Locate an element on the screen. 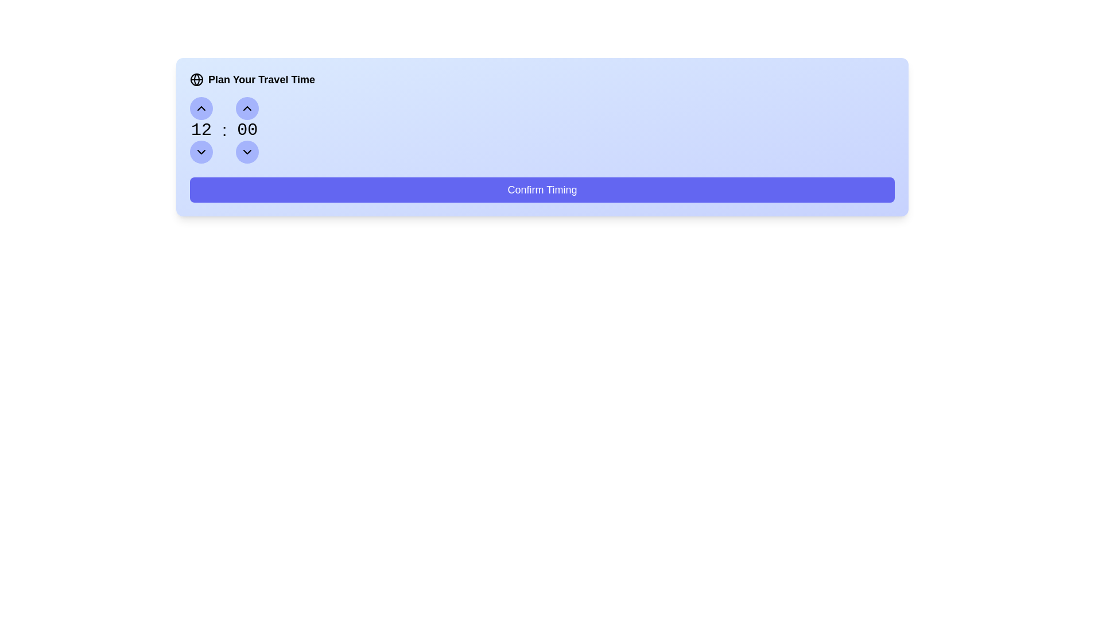 Image resolution: width=1102 pixels, height=620 pixels. the upward-pointing chevron icon button located in the 'Plan Your Travel Time' panel to increment the hour value is located at coordinates (247, 108).